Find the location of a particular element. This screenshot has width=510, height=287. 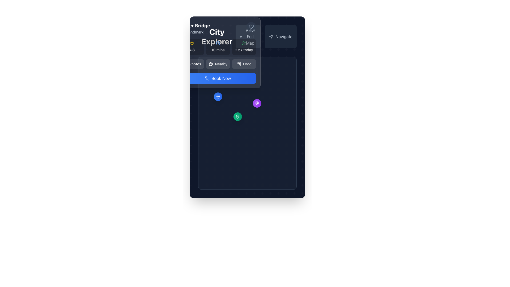

the heart-shaped outlined icon located in the top-right corner above the 'City Explorer' title, which is the leftmost icon in a group of small icons is located at coordinates (251, 27).